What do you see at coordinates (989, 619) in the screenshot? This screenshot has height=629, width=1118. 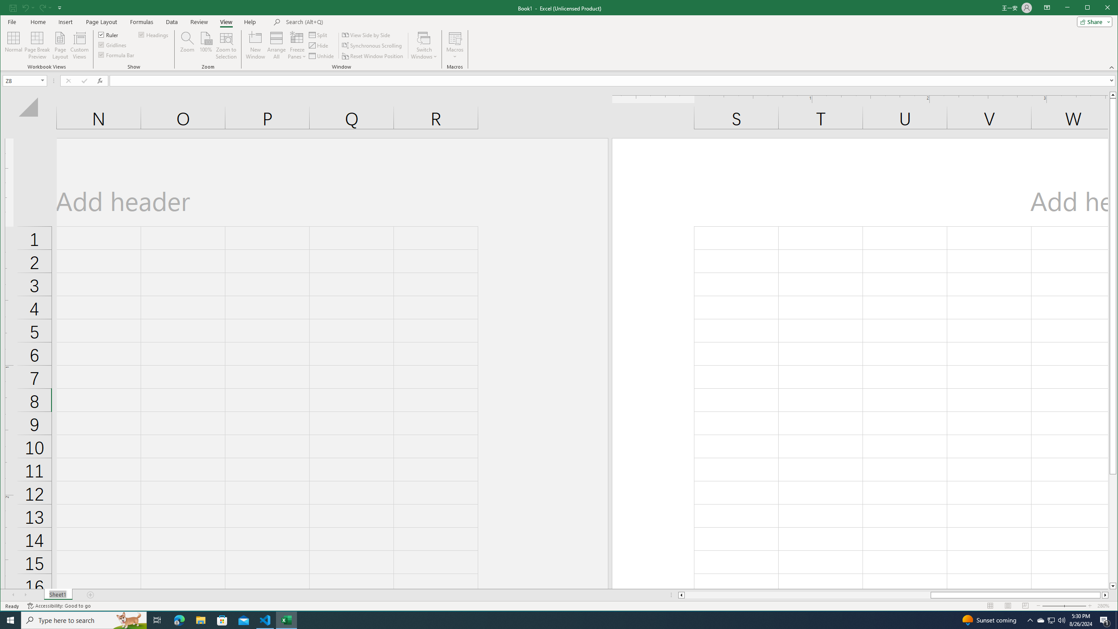 I see `'Sunset coming'` at bounding box center [989, 619].